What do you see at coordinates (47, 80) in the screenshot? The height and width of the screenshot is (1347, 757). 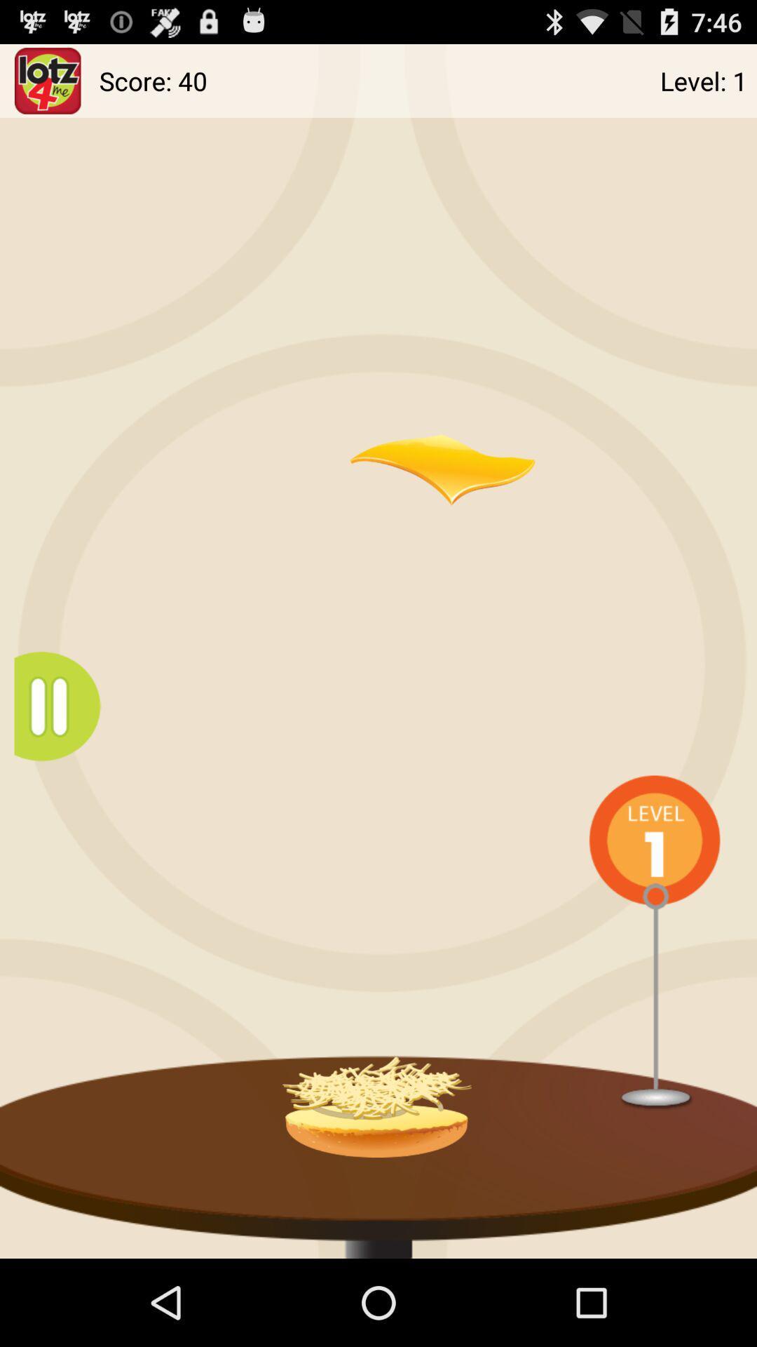 I see `open this app` at bounding box center [47, 80].